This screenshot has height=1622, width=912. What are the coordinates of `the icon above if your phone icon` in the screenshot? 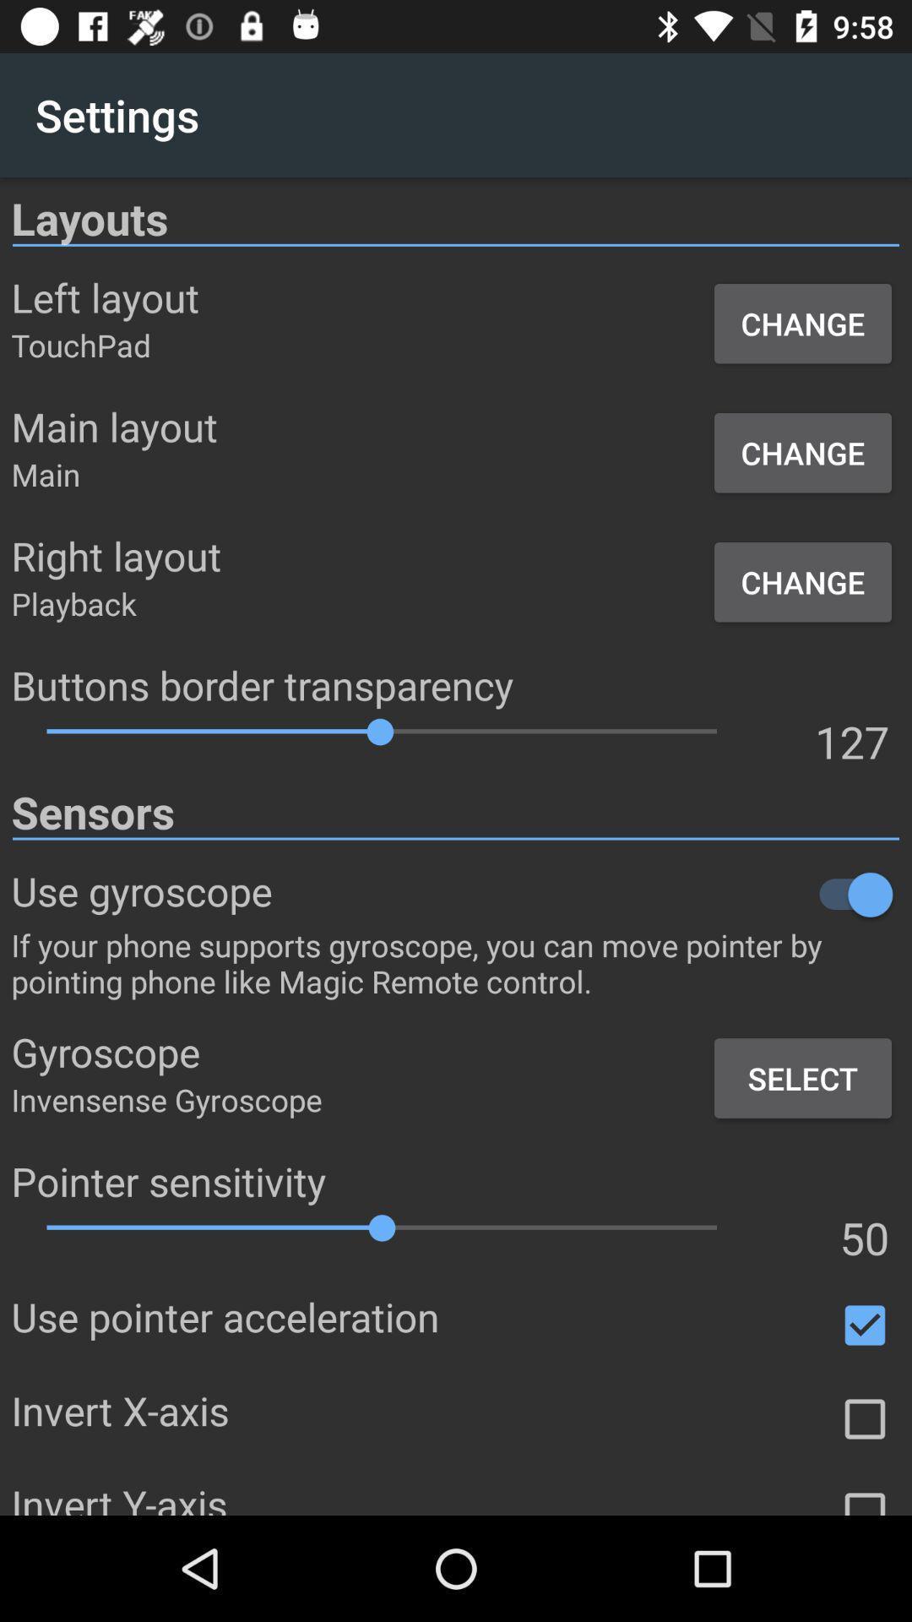 It's located at (585, 894).